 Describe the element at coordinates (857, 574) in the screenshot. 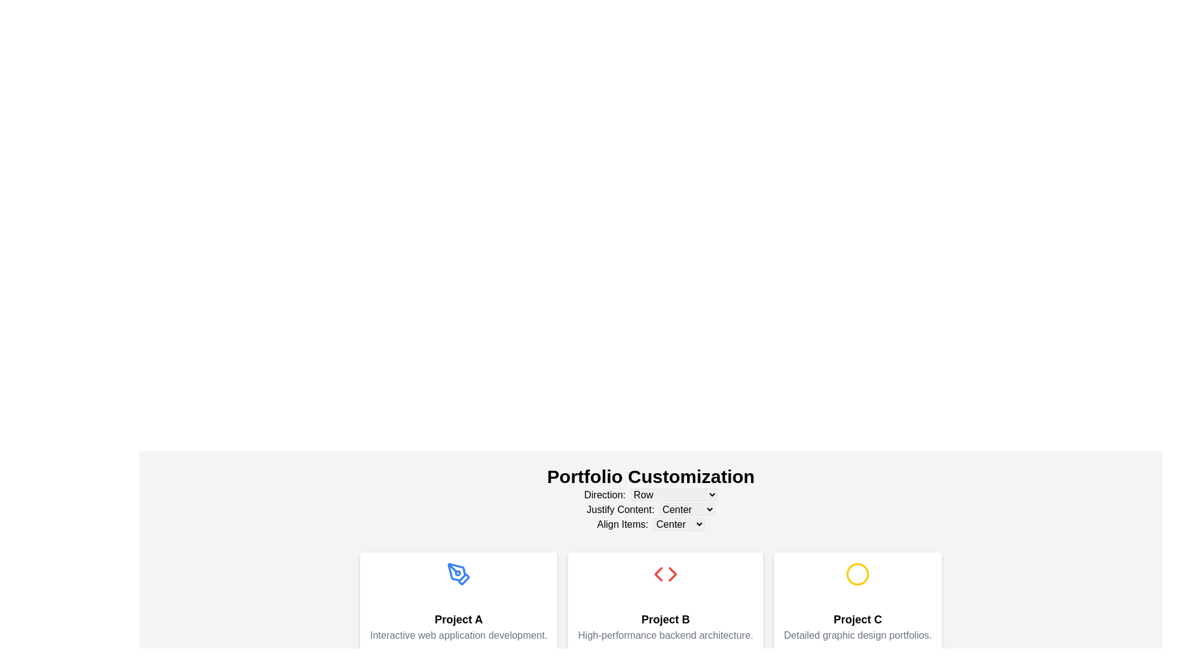

I see `the small decorative circular graphic with a yellow stroke located above the text 'Project C'` at that location.